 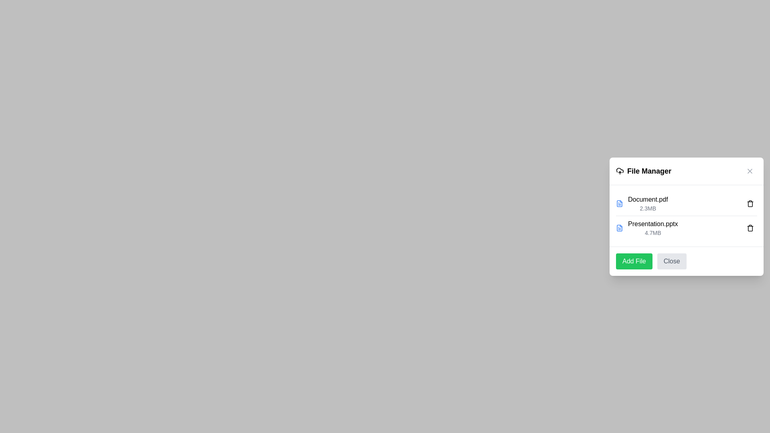 What do you see at coordinates (672, 261) in the screenshot?
I see `the close button on the right side of the 'Add File' button in the footer of the 'File Manager' modal` at bounding box center [672, 261].